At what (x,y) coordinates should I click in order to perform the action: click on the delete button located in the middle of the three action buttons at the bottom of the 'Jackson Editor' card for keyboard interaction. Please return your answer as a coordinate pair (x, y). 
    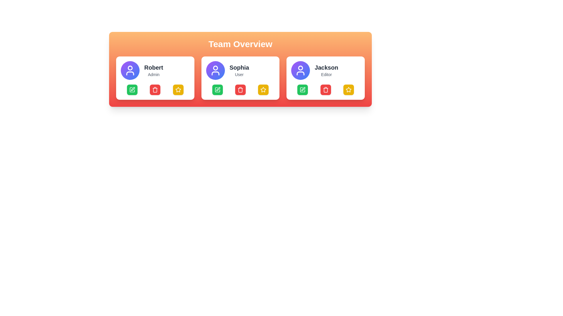
    Looking at the image, I should click on (325, 90).